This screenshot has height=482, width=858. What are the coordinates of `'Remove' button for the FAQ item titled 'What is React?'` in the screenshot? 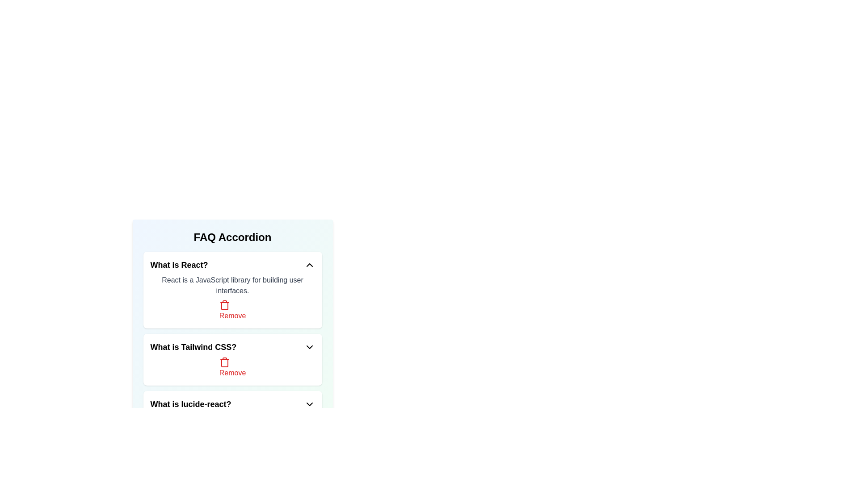 It's located at (232, 310).